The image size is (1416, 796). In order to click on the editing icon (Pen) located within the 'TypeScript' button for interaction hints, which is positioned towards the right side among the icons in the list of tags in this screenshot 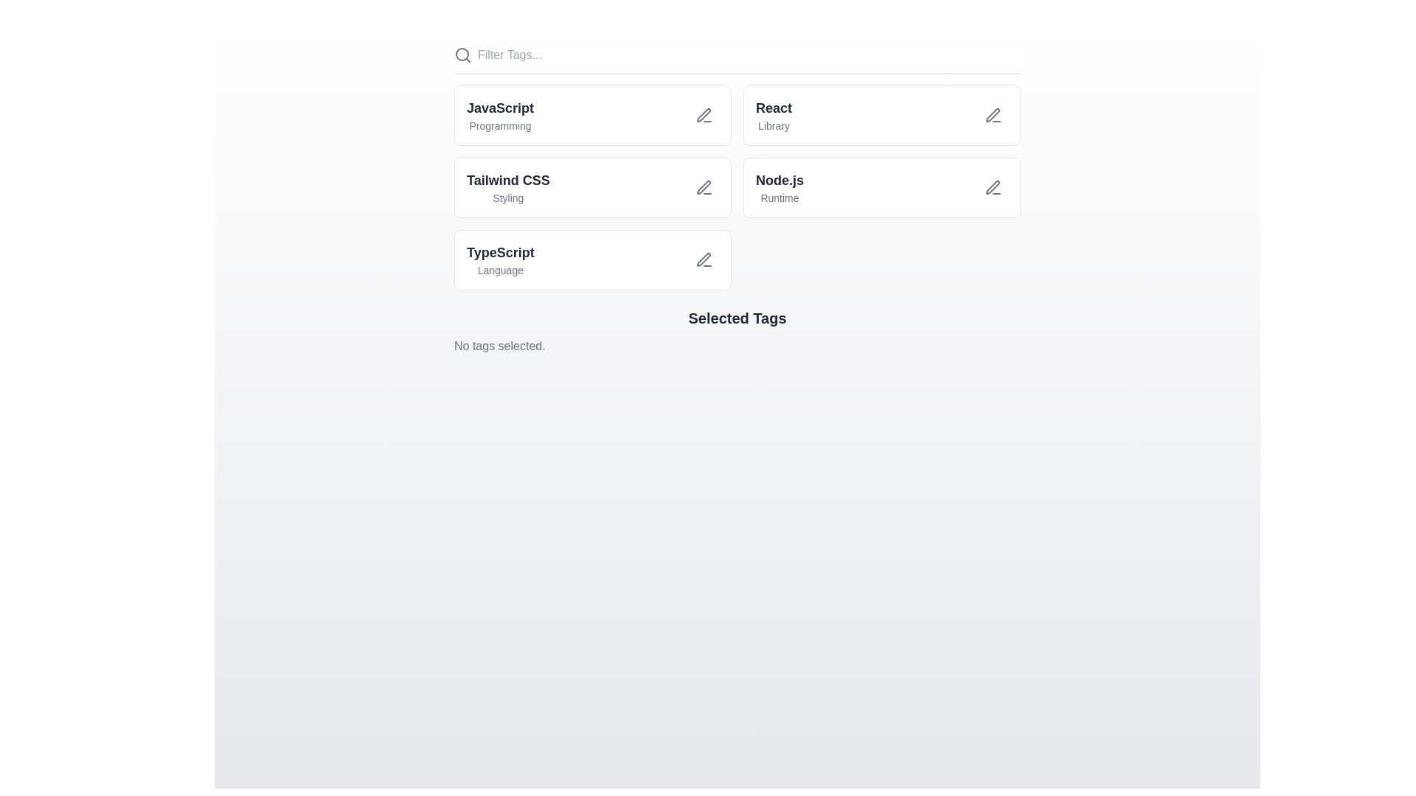, I will do `click(703, 259)`.